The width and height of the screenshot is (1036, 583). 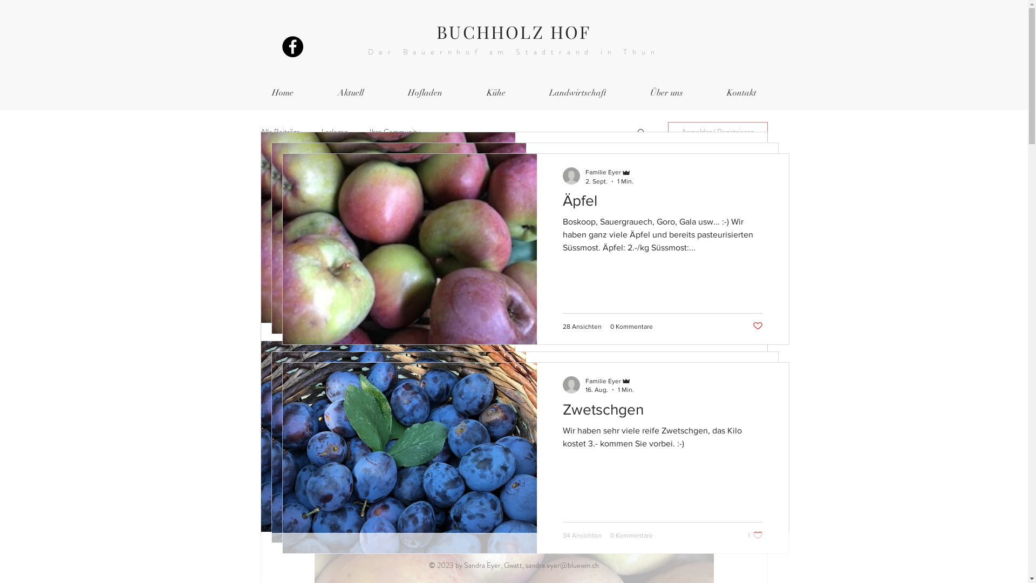 What do you see at coordinates (577, 92) in the screenshot?
I see `'Landwirtschaft'` at bounding box center [577, 92].